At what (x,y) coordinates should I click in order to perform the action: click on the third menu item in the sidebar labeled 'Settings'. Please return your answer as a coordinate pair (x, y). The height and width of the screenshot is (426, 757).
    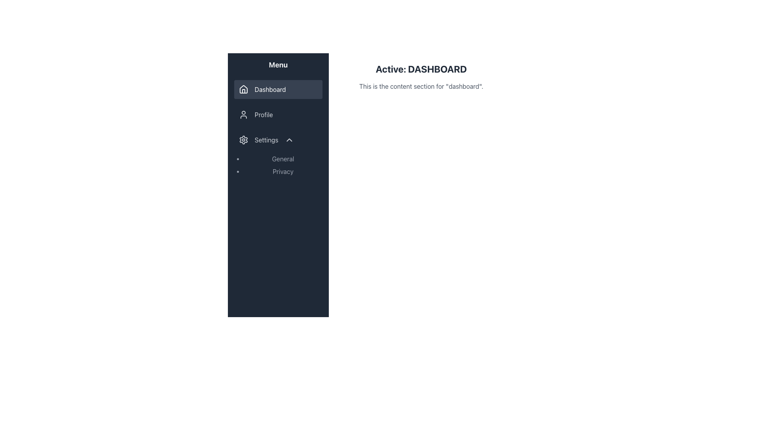
    Looking at the image, I should click on (278, 139).